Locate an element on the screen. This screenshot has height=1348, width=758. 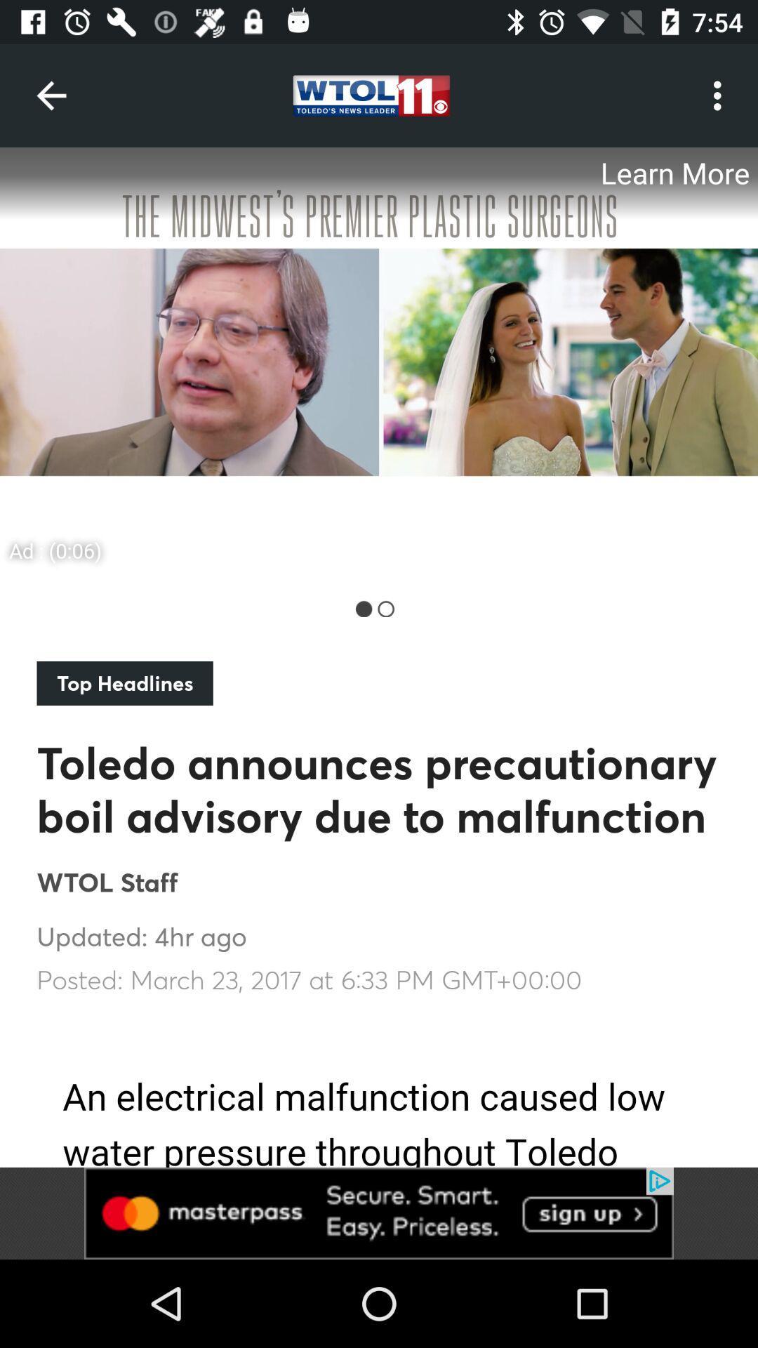
the advertisement is located at coordinates (379, 1212).